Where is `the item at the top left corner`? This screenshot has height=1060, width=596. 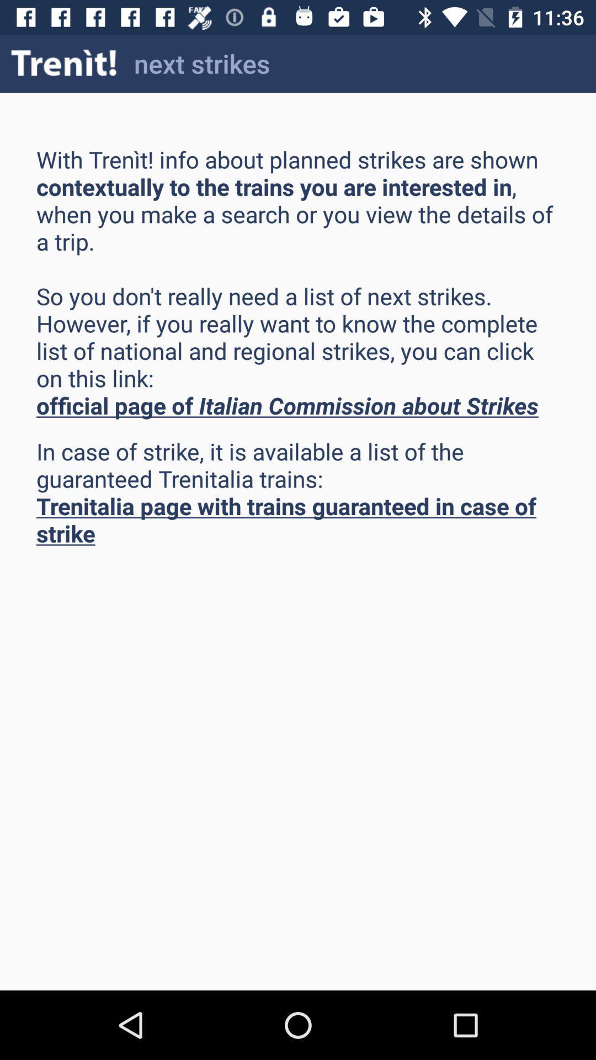 the item at the top left corner is located at coordinates (64, 63).